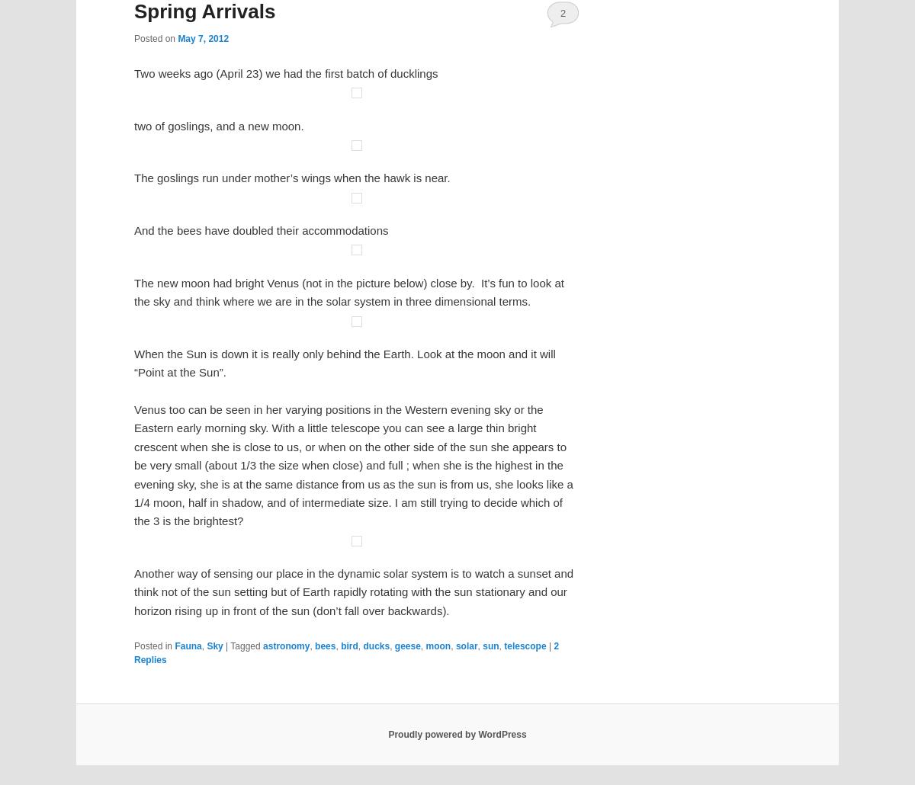  I want to click on 'two of goslings, and a new moon.', so click(218, 698).